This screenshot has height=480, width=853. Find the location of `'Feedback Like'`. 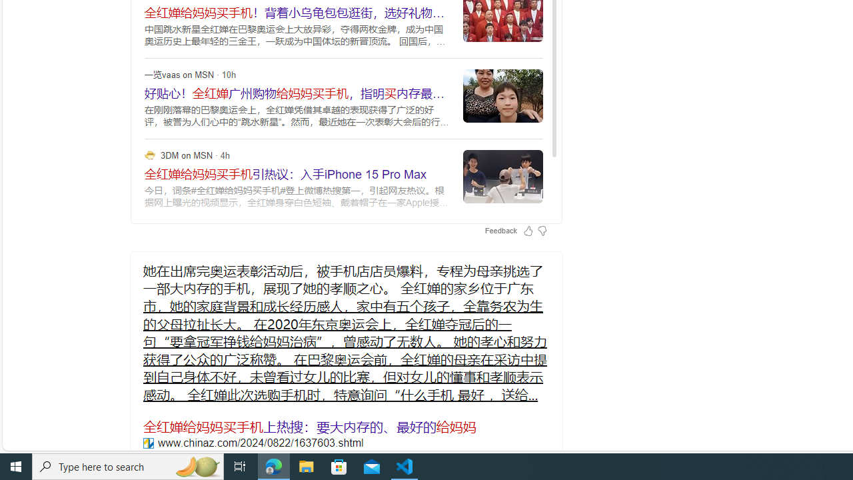

'Feedback Like' is located at coordinates (527, 229).